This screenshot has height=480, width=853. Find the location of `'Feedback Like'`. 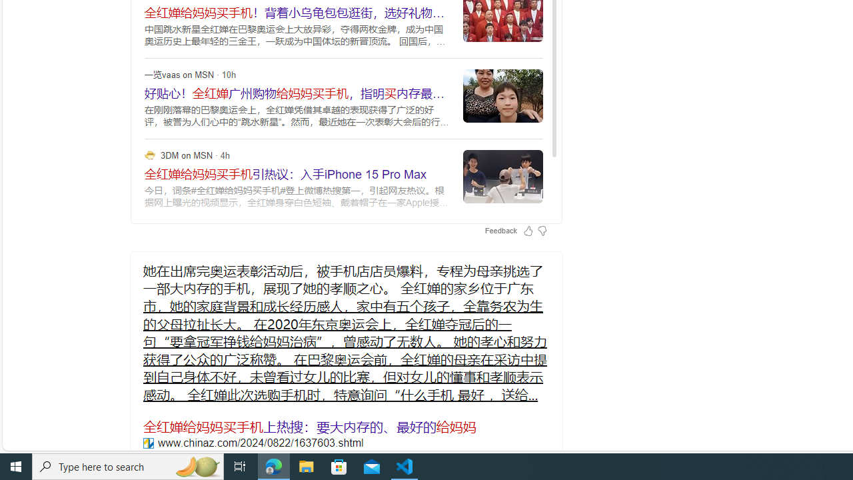

'Feedback Like' is located at coordinates (527, 229).